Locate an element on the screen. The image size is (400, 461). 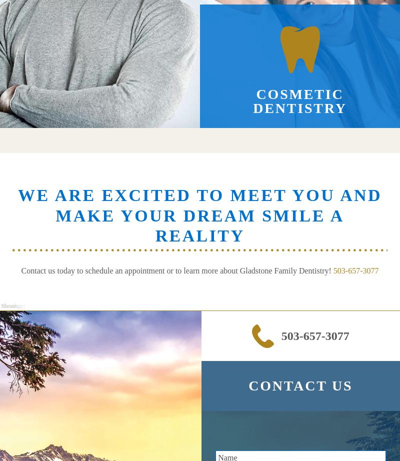
'Contact us today to schedule an appointment or to learn more about Gladstone Family Dentistry!' is located at coordinates (177, 270).